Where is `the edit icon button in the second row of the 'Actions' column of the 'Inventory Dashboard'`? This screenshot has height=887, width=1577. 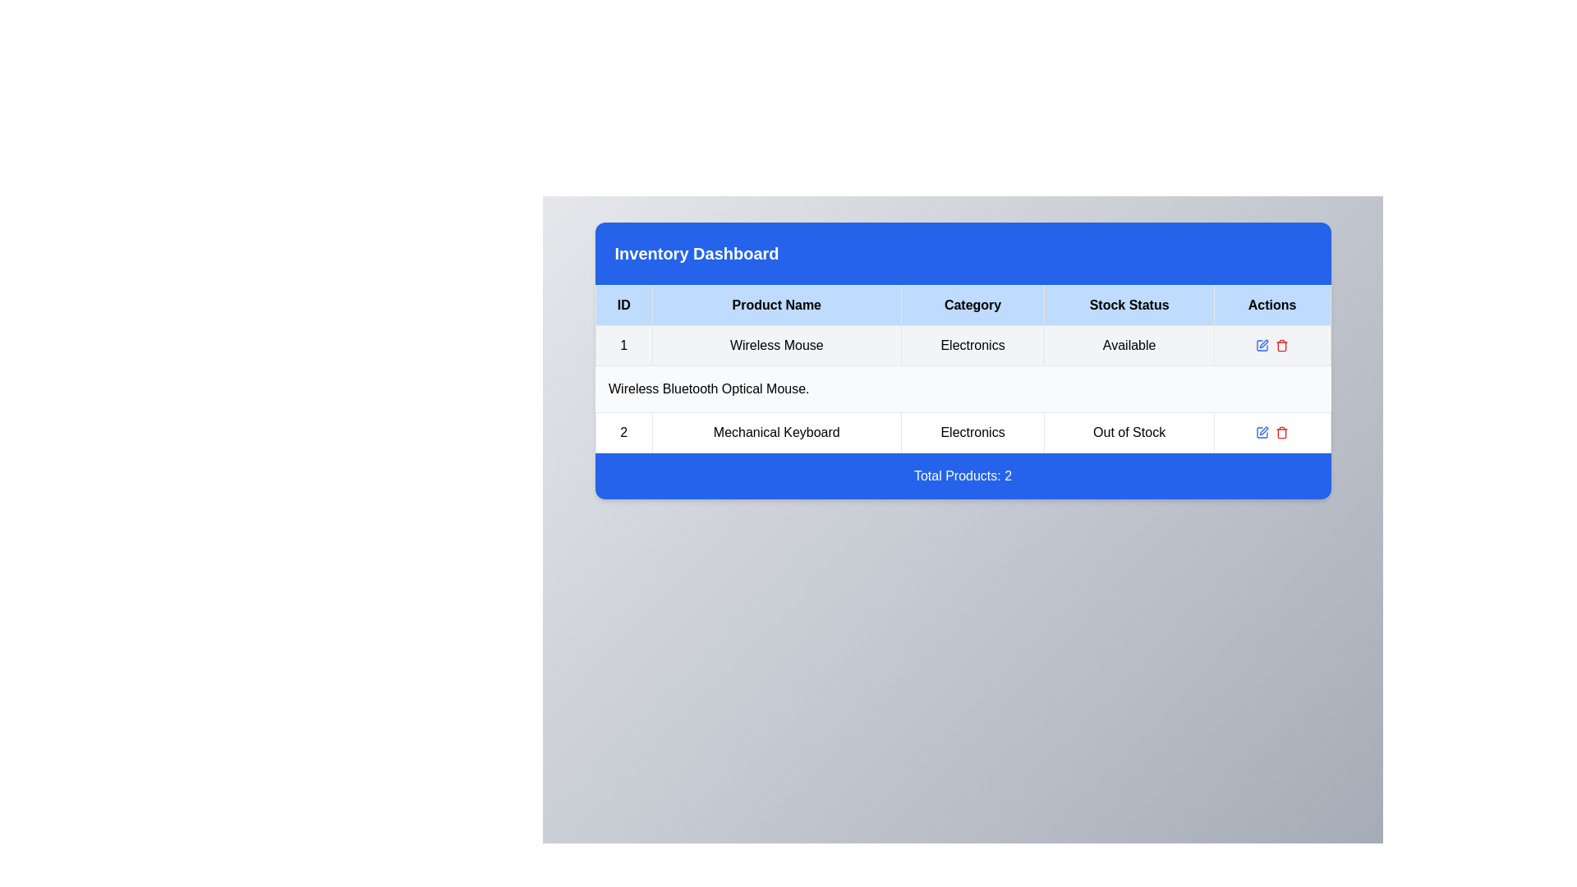
the edit icon button in the second row of the 'Actions' column of the 'Inventory Dashboard' is located at coordinates (1262, 344).